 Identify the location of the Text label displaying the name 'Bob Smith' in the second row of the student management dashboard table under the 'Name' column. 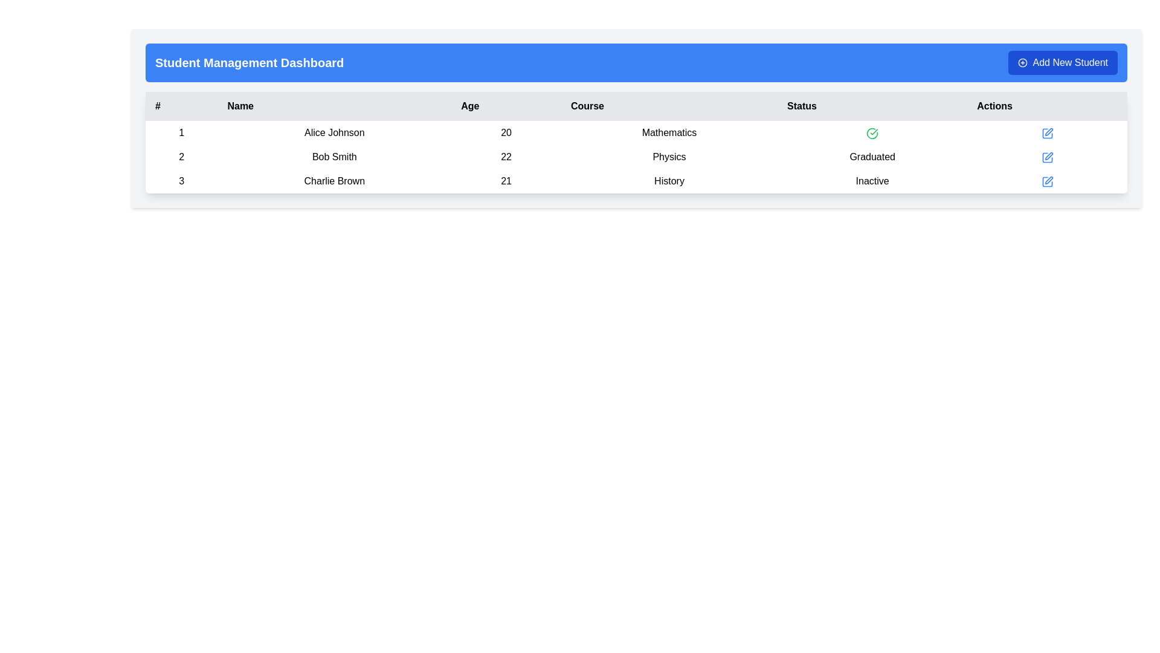
(334, 156).